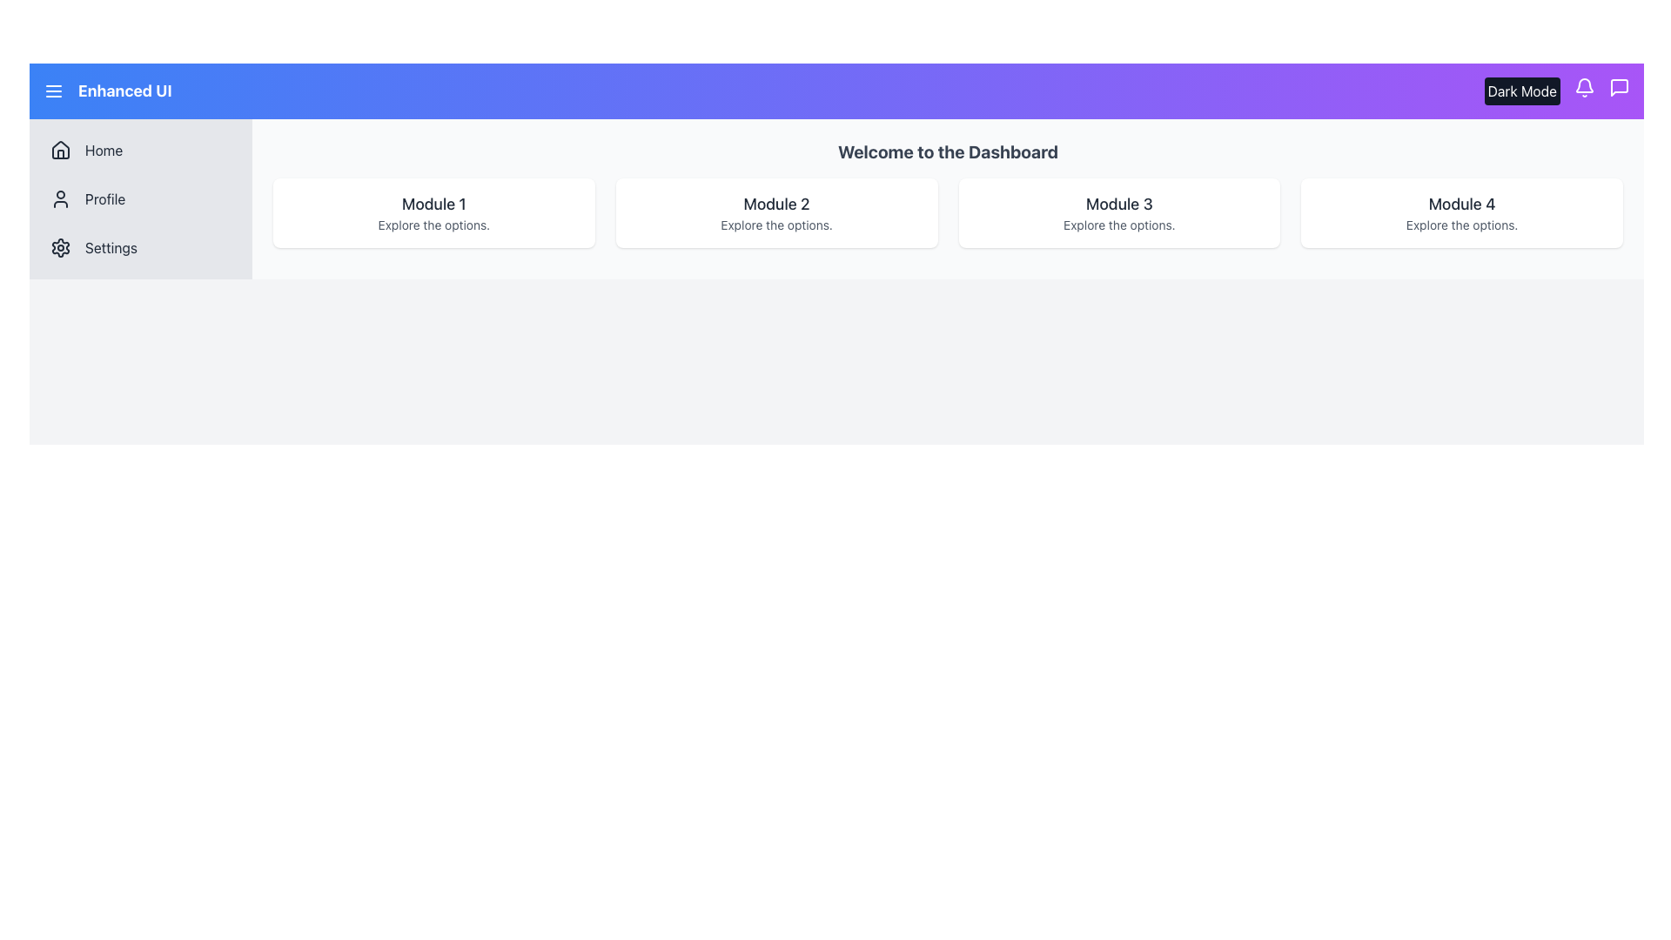  What do you see at coordinates (947, 151) in the screenshot?
I see `the static text header that introduces the dashboard content, positioned at the top-center of the layout above the module cards` at bounding box center [947, 151].